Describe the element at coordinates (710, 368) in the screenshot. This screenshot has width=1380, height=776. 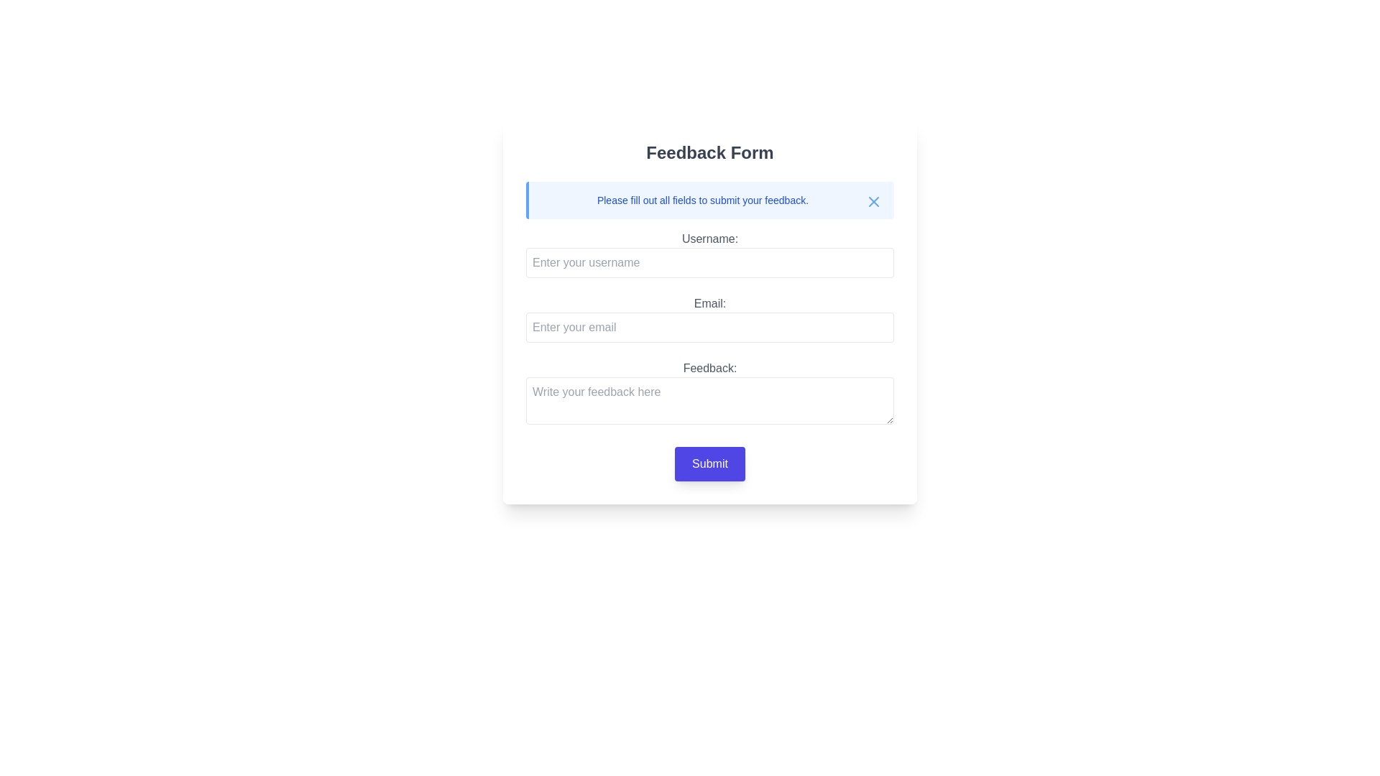
I see `the static text label that indicates the input field for feedback, located directly above the feedback text area and below the 'Email:' field in the middle of the form layout` at that location.